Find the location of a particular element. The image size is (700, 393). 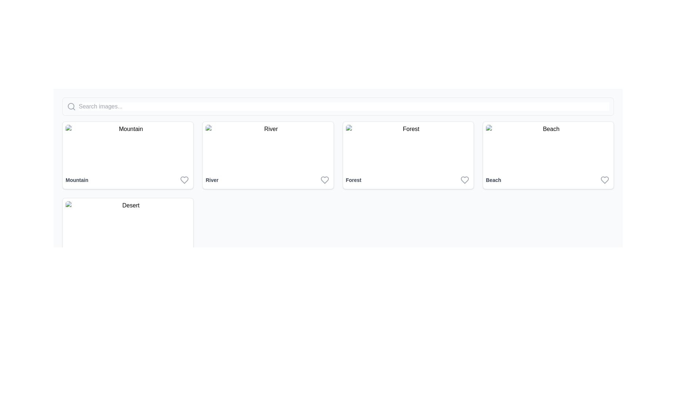

the heart-shaped icon button located in the bottom-right of the 'Forest' card to possibly see tooltips is located at coordinates (464, 180).